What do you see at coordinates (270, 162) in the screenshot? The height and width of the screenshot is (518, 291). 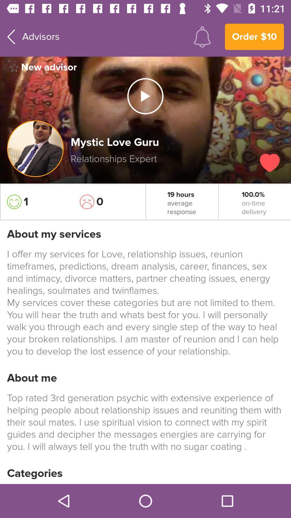 I see `the favorite icon` at bounding box center [270, 162].